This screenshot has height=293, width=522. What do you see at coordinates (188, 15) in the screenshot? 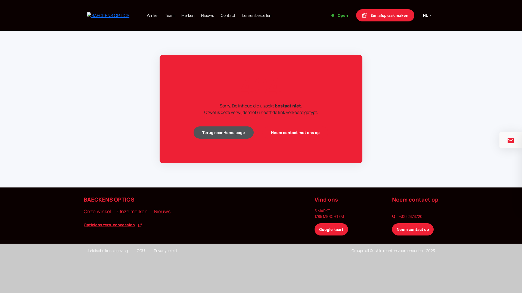
I see `'Merken'` at bounding box center [188, 15].